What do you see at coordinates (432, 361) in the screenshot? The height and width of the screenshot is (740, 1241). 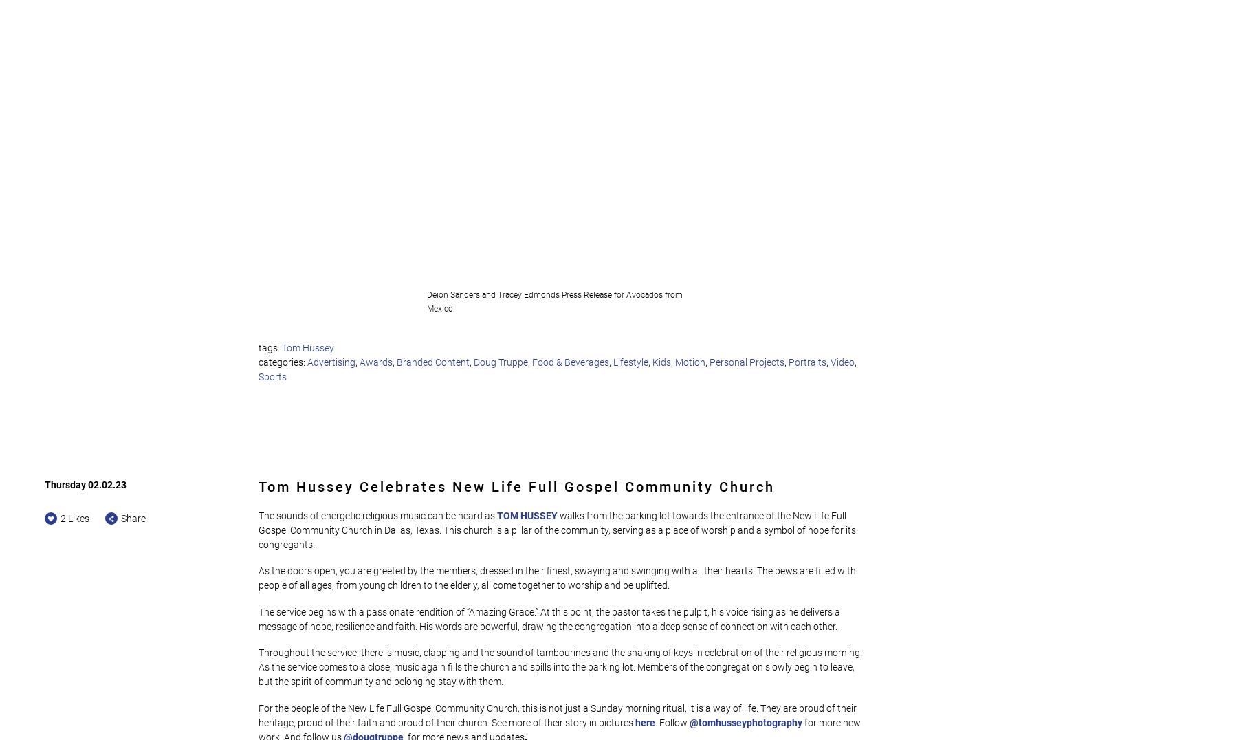 I see `'Branded Content'` at bounding box center [432, 361].